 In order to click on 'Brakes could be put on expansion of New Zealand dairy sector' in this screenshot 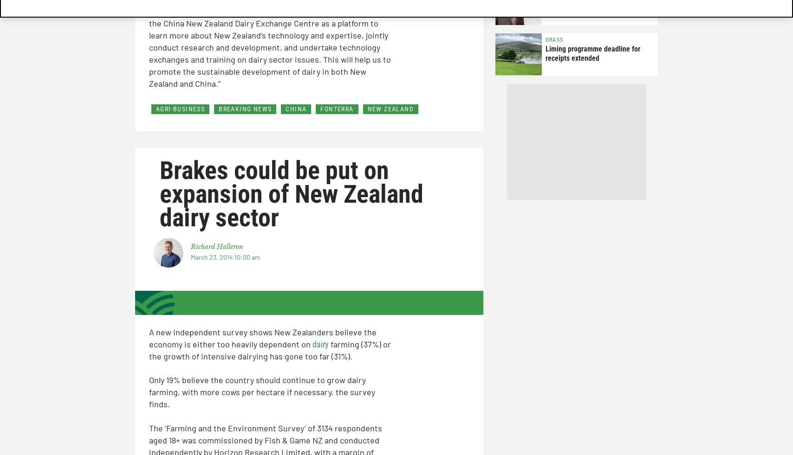, I will do `click(292, 193)`.